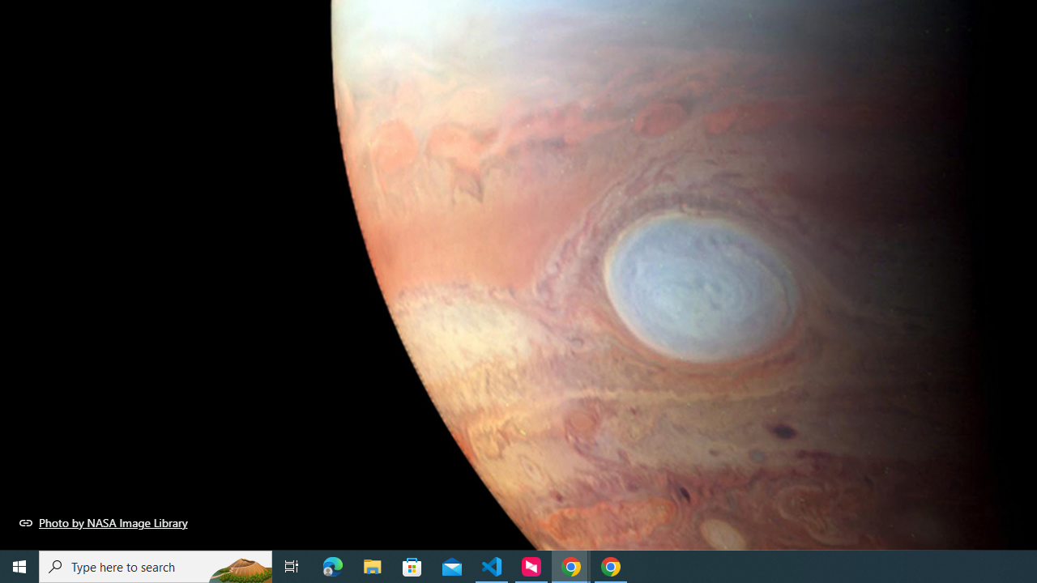  Describe the element at coordinates (103, 522) in the screenshot. I see `'Photo by NASA Image Library'` at that location.